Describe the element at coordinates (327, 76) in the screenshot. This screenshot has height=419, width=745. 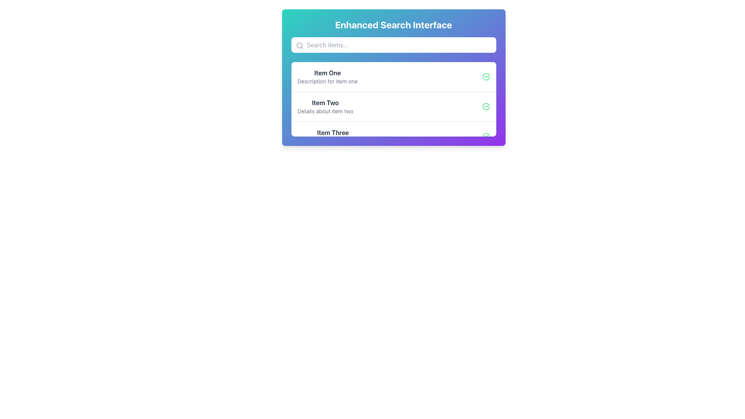
I see `the first list item in the 'Enhanced Search Interface'` at that location.